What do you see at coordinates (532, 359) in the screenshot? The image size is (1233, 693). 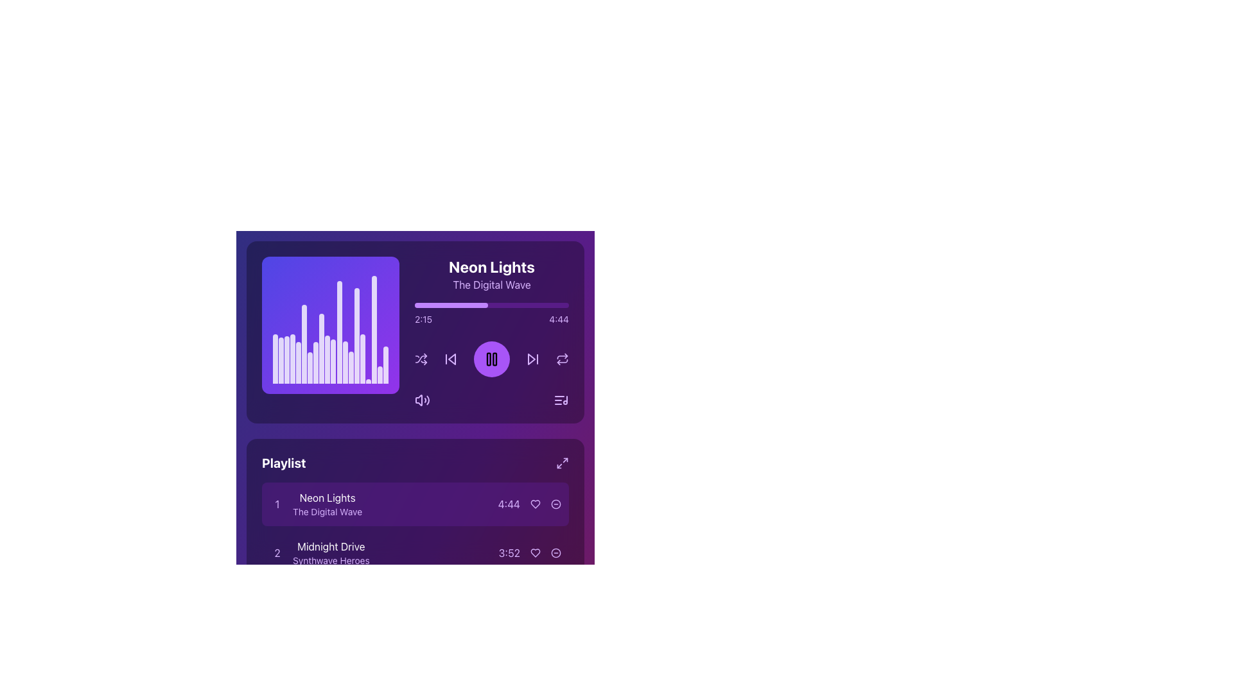 I see `the forward skip icon, which is a triangular shape pointing to the right, located within the control section of the music player interface, adjacent to the central pause button` at bounding box center [532, 359].